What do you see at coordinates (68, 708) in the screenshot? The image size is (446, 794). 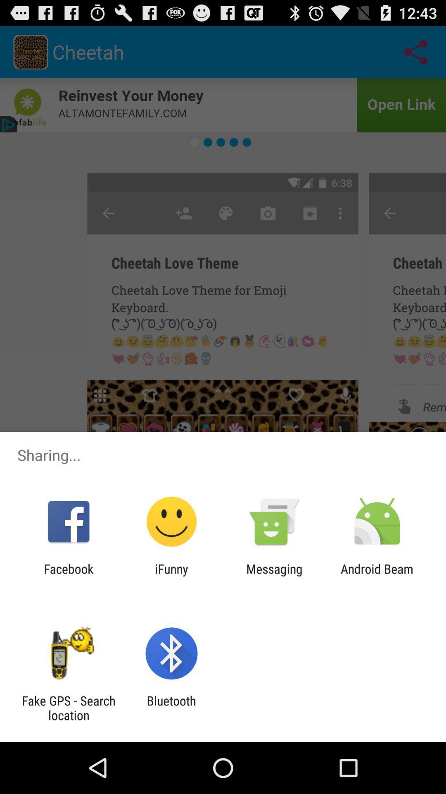 I see `the fake gps search icon` at bounding box center [68, 708].